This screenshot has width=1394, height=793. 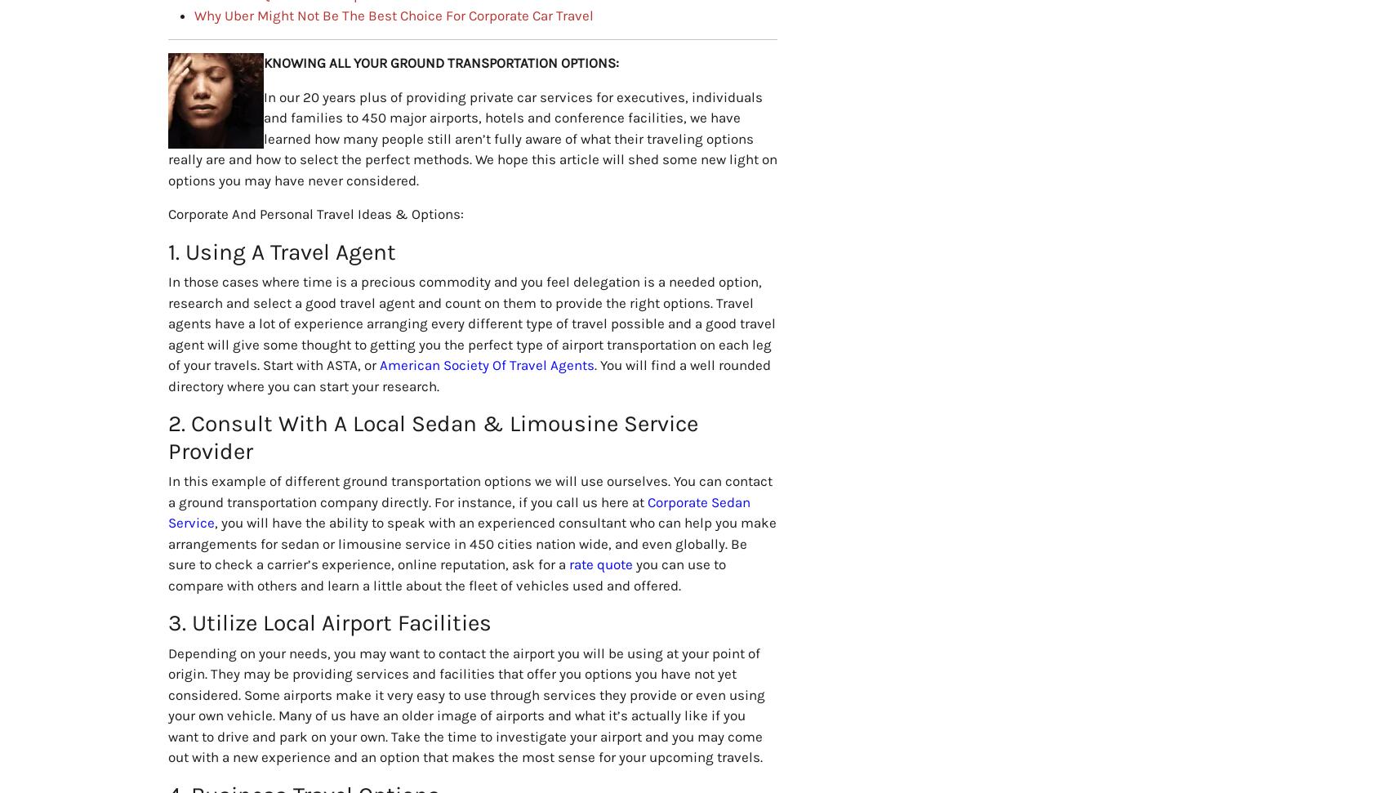 I want to click on 'Web App', so click(x=464, y=601).